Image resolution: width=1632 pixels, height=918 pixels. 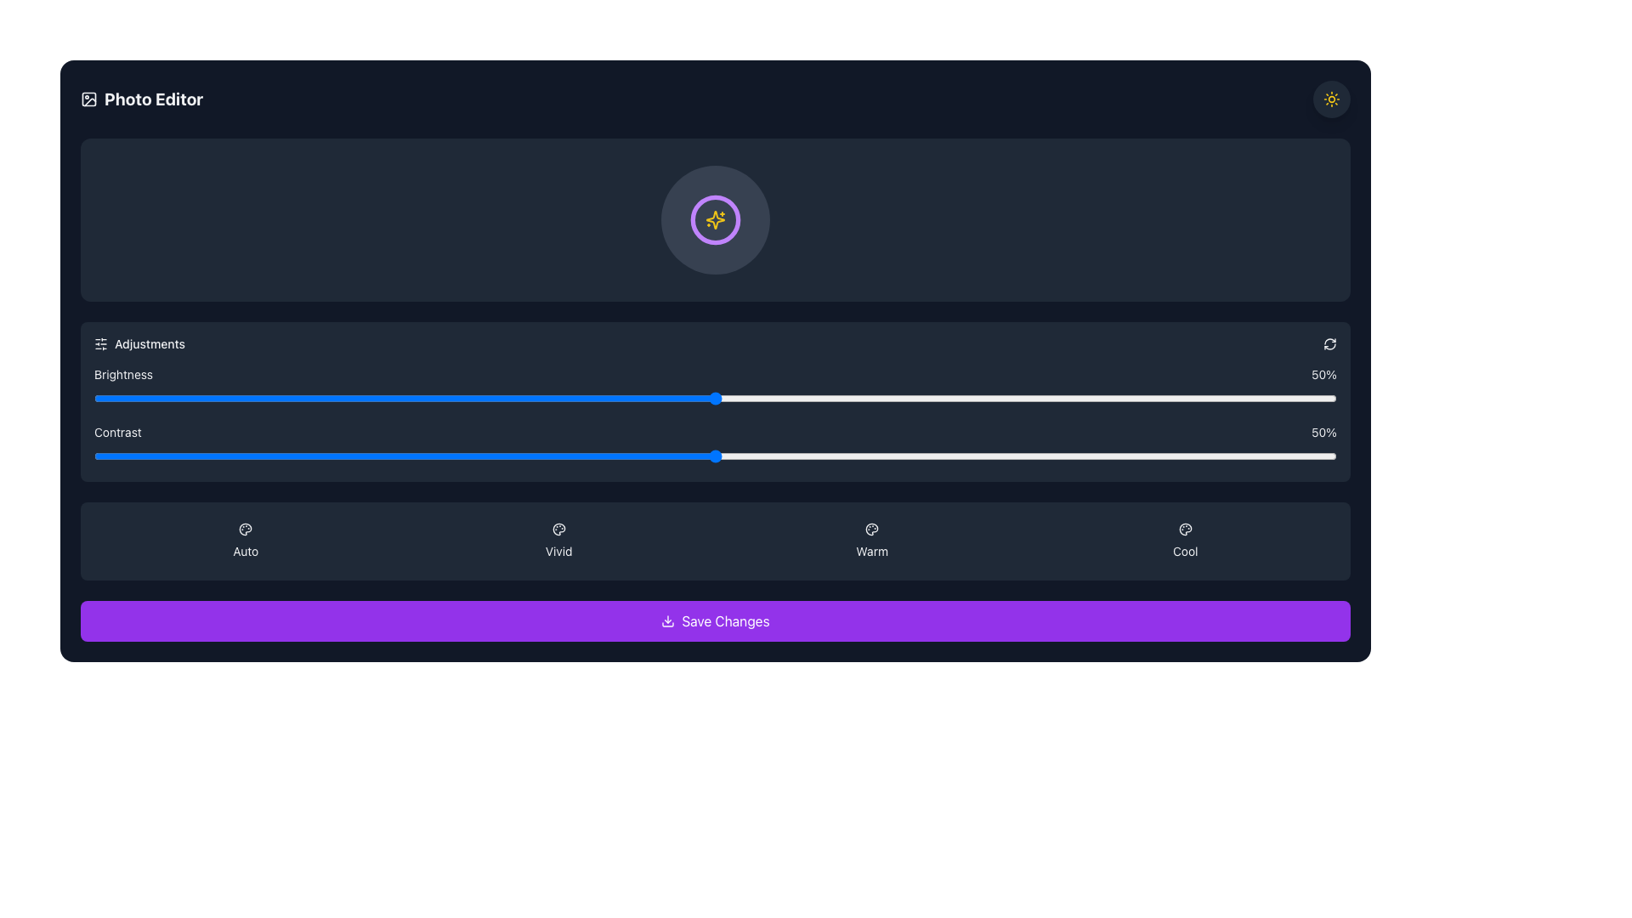 What do you see at coordinates (1050, 399) in the screenshot?
I see `contrast` at bounding box center [1050, 399].